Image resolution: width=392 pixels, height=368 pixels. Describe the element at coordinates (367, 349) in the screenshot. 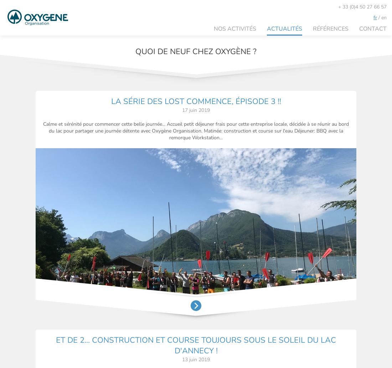

I see `'Pure Illusion'` at that location.